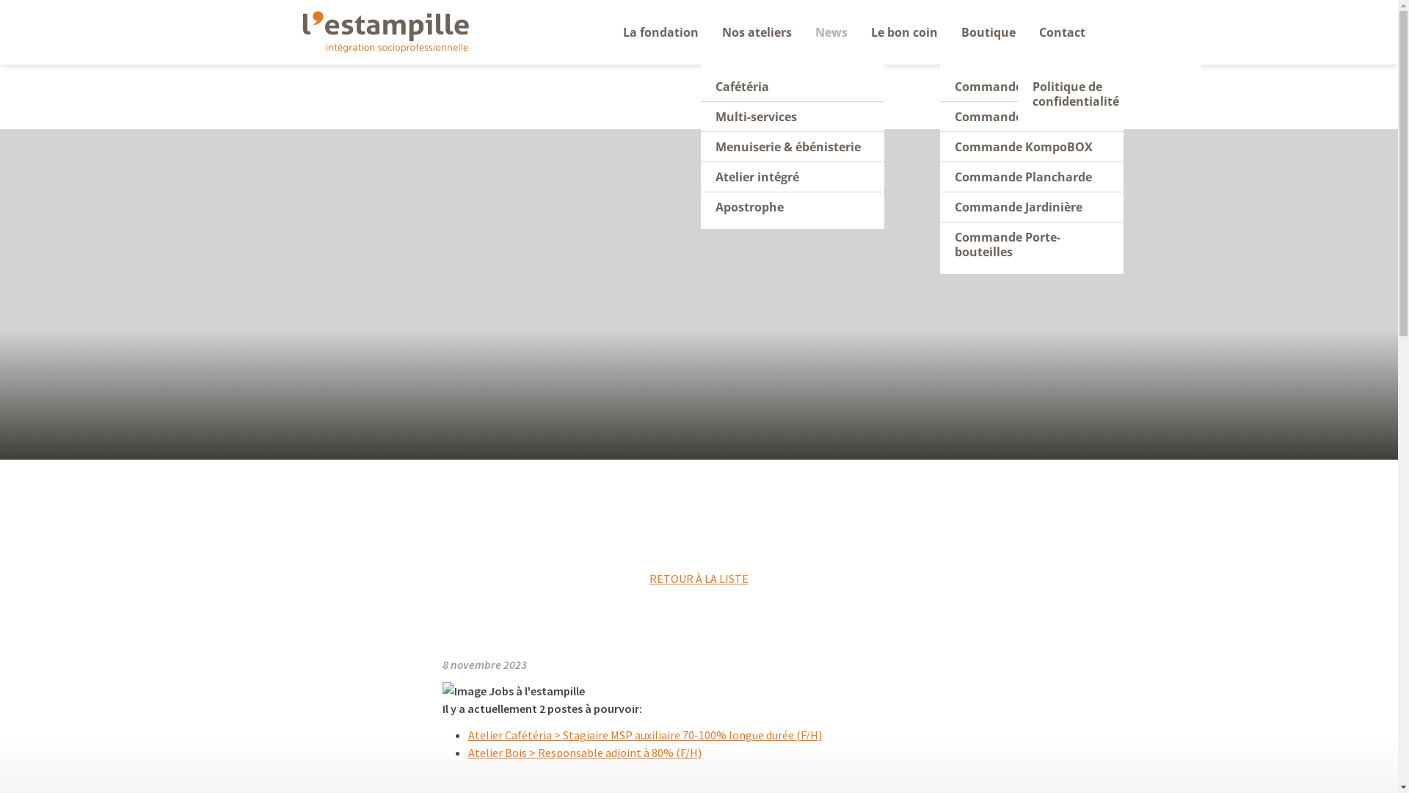  What do you see at coordinates (989, 32) in the screenshot?
I see `'Boutique'` at bounding box center [989, 32].